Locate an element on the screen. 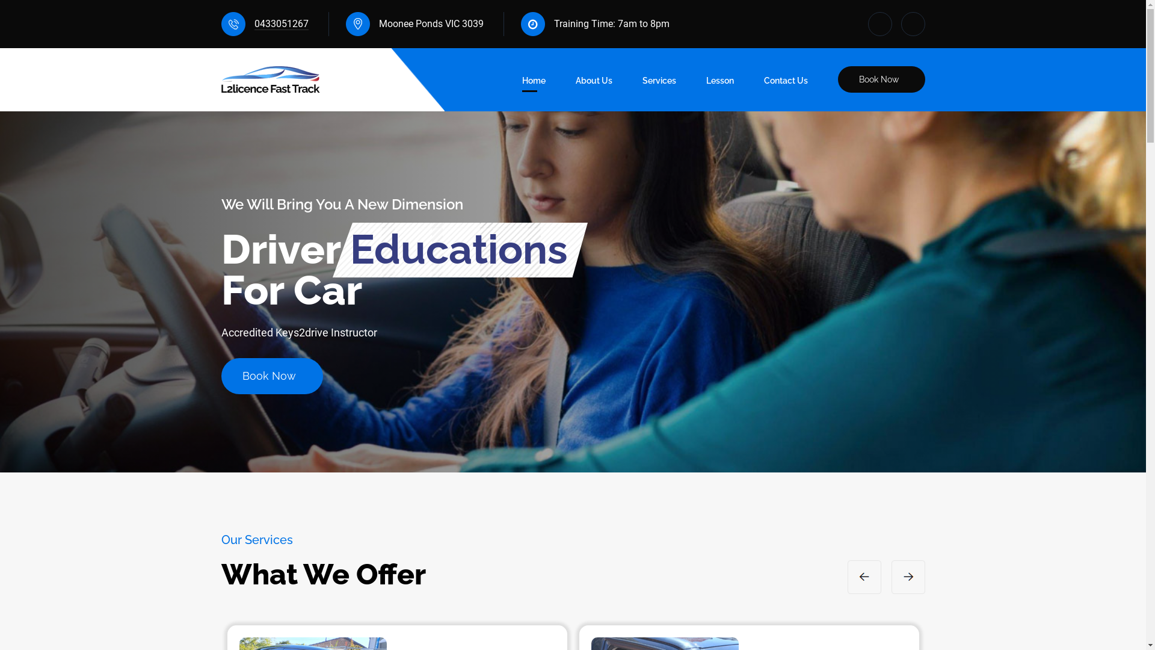 This screenshot has width=1155, height=650. 'Book Now' is located at coordinates (881, 79).